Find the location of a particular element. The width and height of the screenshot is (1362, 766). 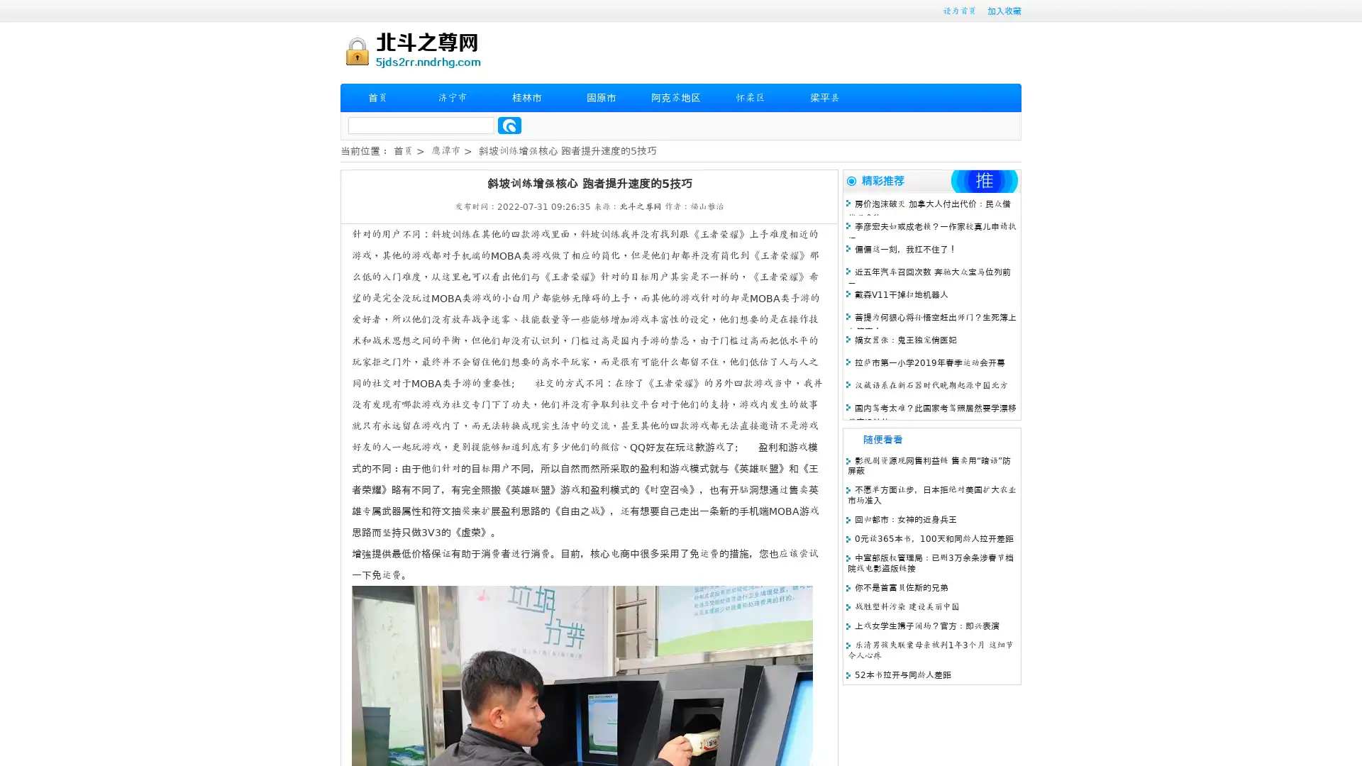

Search is located at coordinates (509, 125).